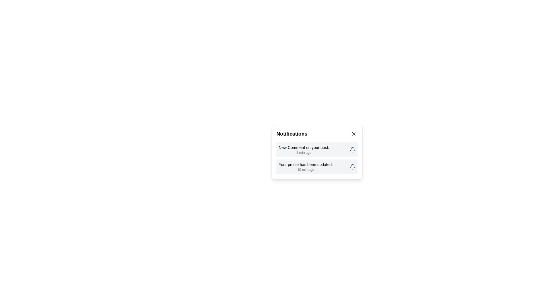  Describe the element at coordinates (317, 150) in the screenshot. I see `the first notification alerting the user to a new comment on their post in the notification list` at that location.